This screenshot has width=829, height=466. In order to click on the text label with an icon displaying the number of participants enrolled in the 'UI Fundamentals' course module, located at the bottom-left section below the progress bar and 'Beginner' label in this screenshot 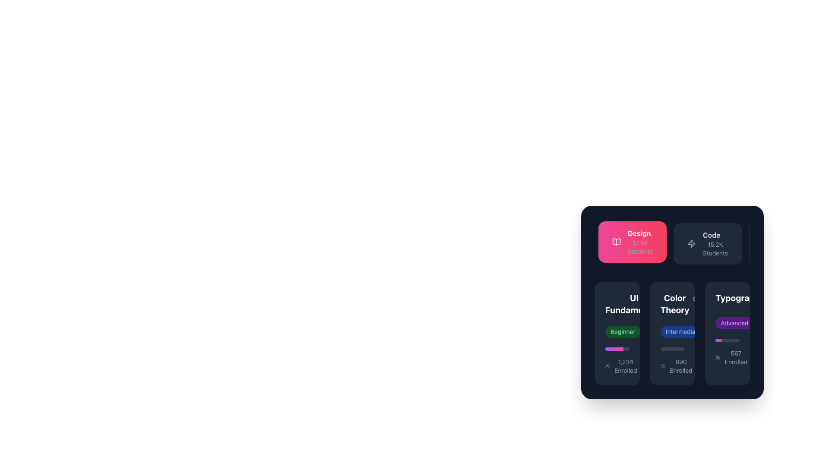, I will do `click(617, 366)`.